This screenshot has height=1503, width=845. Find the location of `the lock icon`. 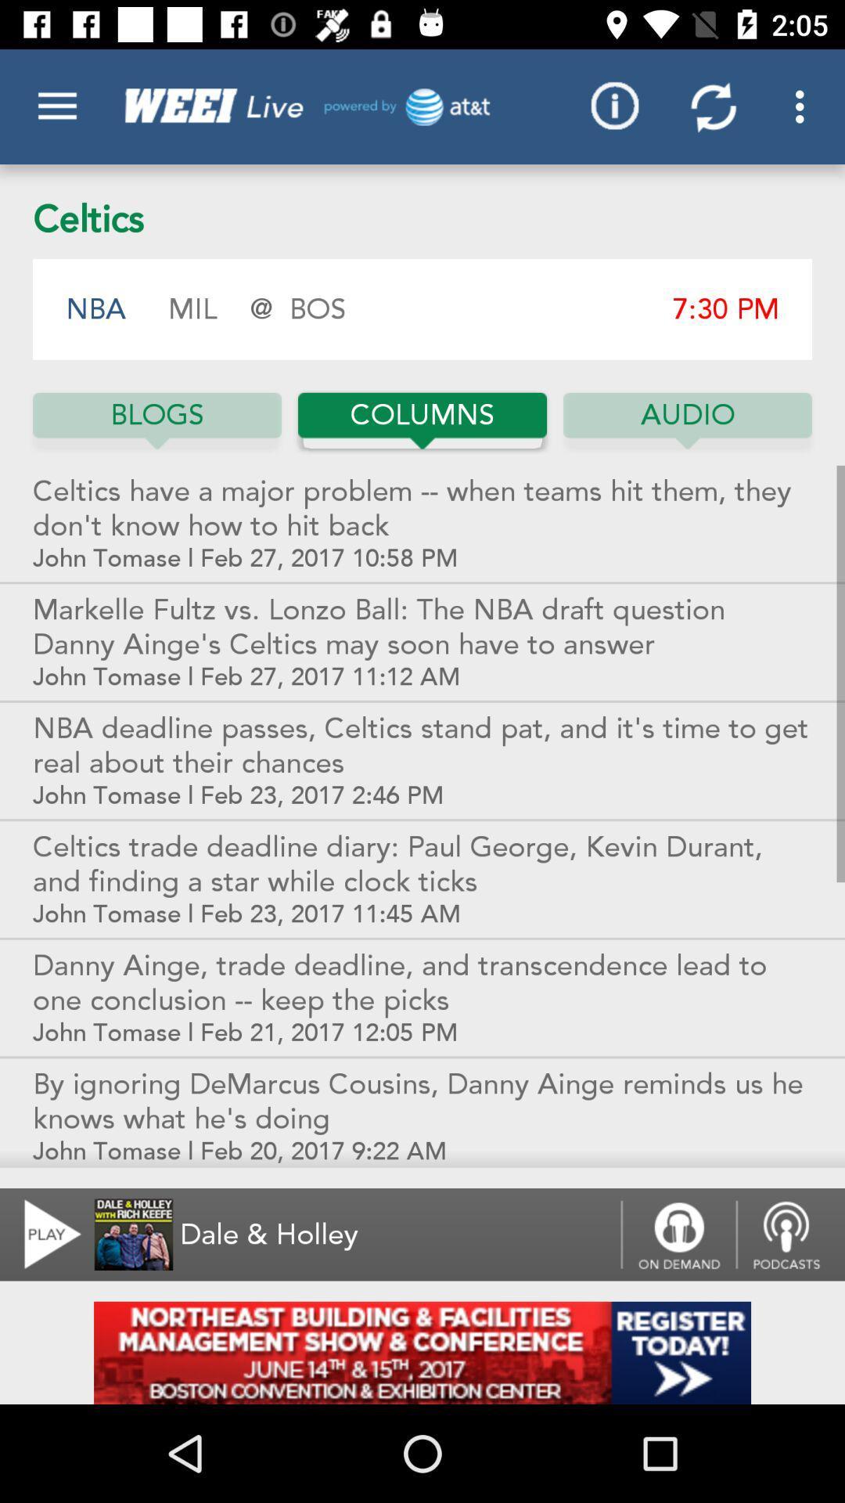

the lock icon is located at coordinates (678, 1234).